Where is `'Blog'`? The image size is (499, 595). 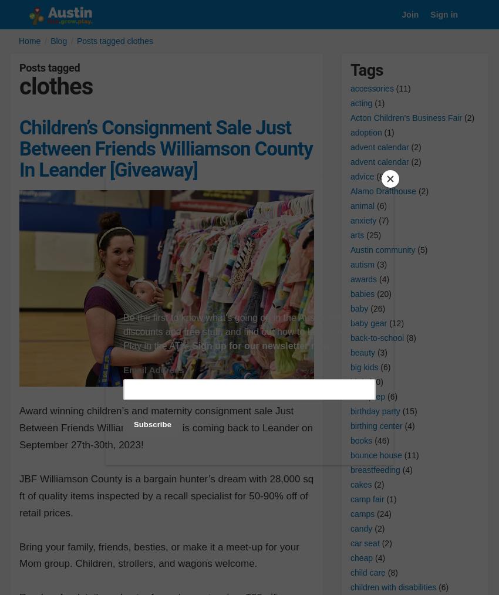
'Blog' is located at coordinates (58, 40).